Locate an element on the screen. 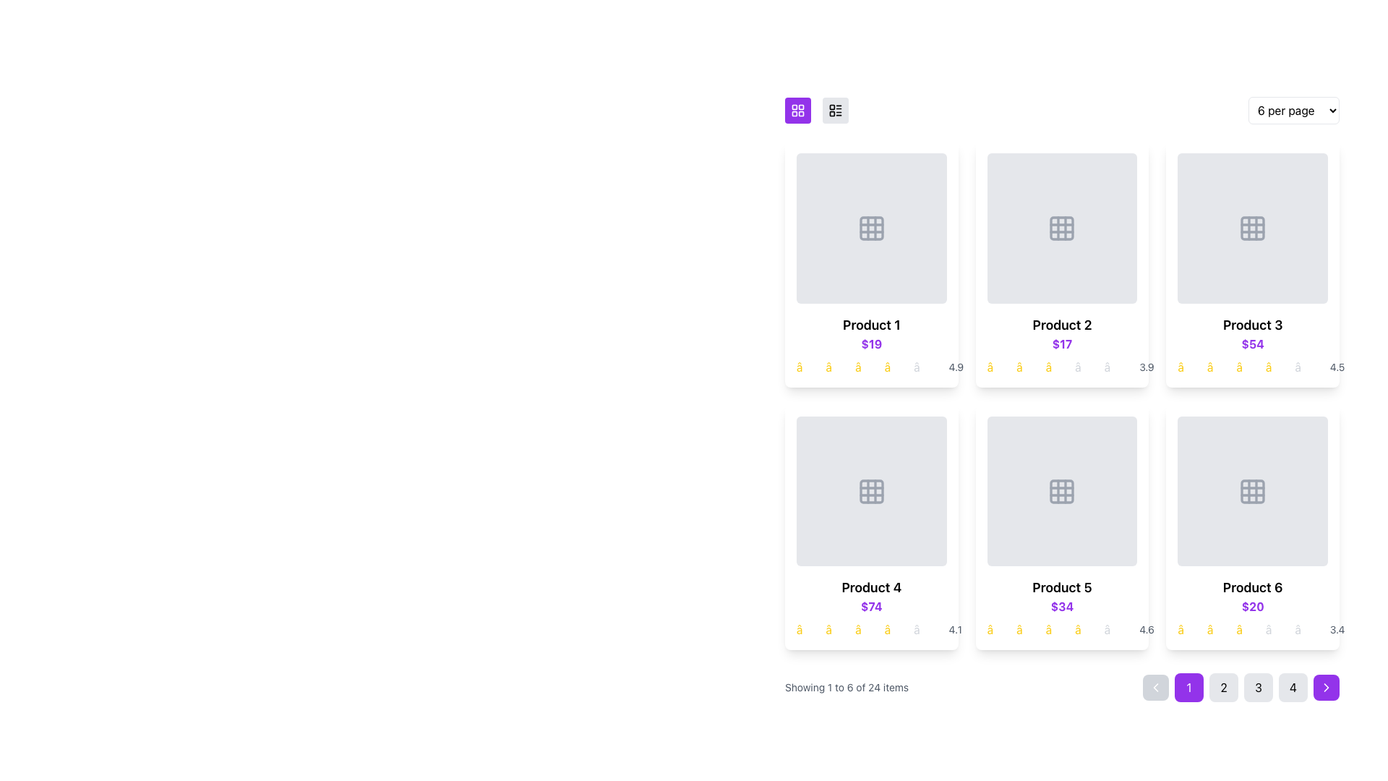 The height and width of the screenshot is (781, 1388). the image placeholder located in the upper section of the second product card (Product 2), which serves as a visual representation for product images is located at coordinates (1062, 228).